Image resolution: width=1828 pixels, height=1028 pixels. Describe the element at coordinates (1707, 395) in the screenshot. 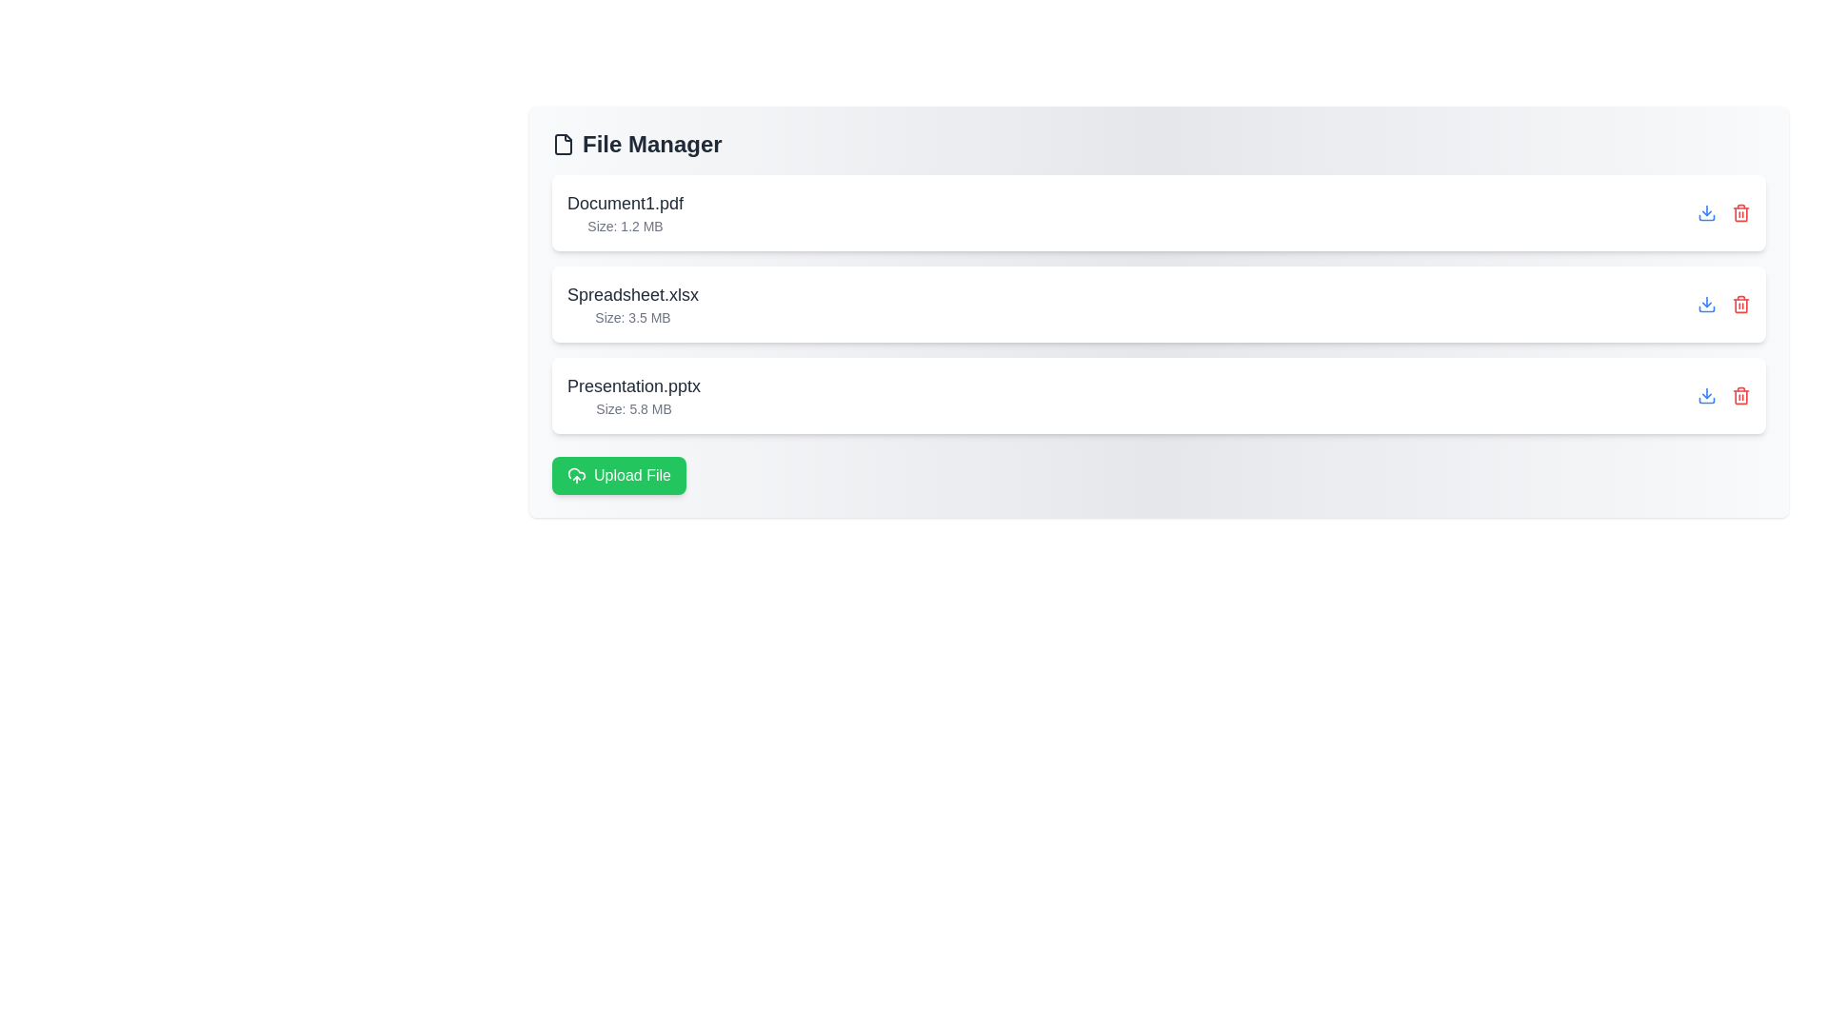

I see `download button for the file Presentation.pptx` at that location.